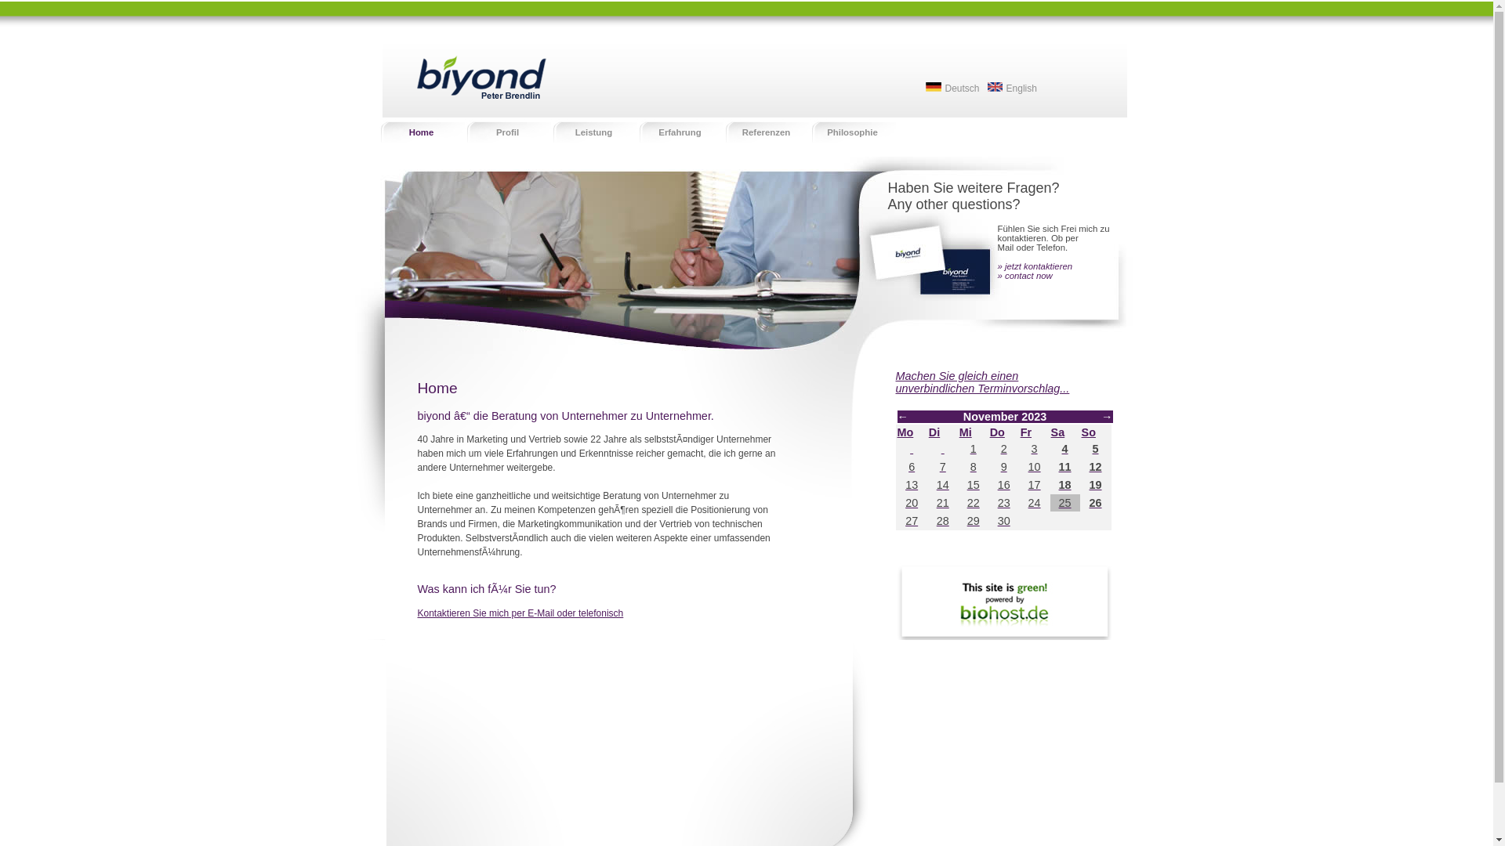 The height and width of the screenshot is (846, 1505). What do you see at coordinates (973, 520) in the screenshot?
I see `'29'` at bounding box center [973, 520].